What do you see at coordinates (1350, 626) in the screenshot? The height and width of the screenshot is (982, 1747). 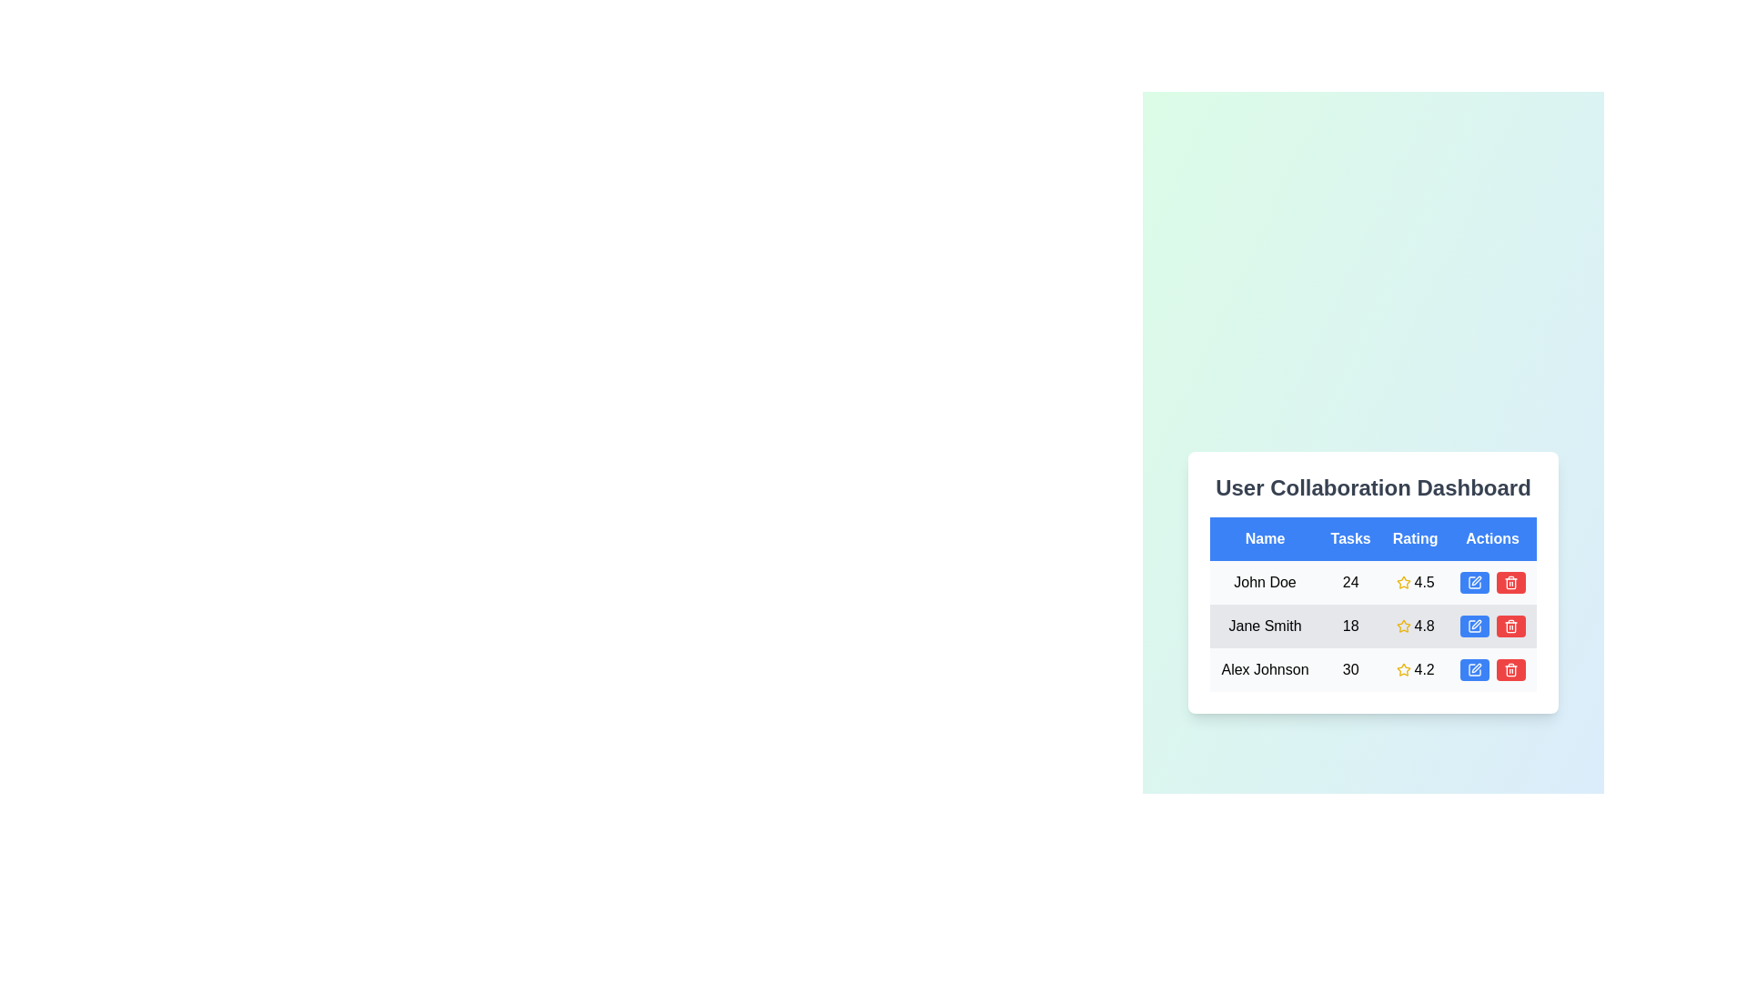 I see `the data cell representing the task count for user 'Jane Smith' in the data table, which is the second component in the row under the 'Tasks' column` at bounding box center [1350, 626].